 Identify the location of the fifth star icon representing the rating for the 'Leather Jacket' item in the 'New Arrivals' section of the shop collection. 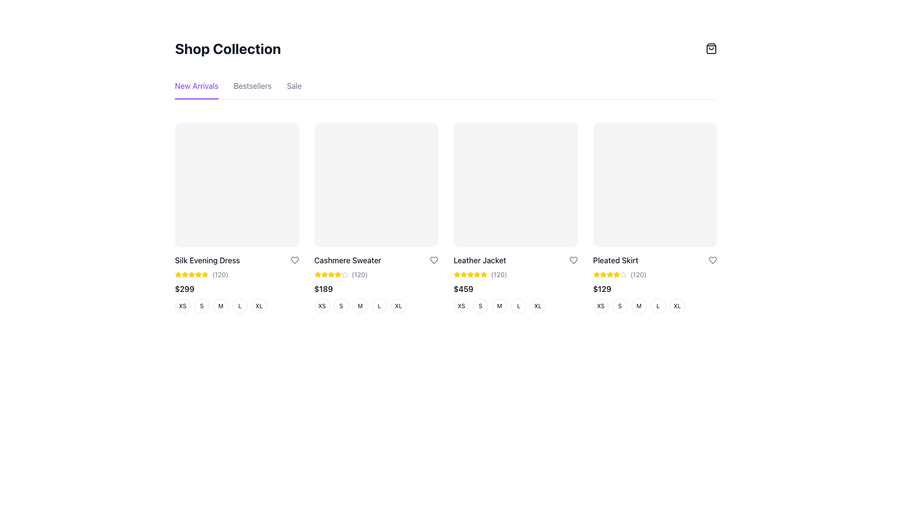
(470, 274).